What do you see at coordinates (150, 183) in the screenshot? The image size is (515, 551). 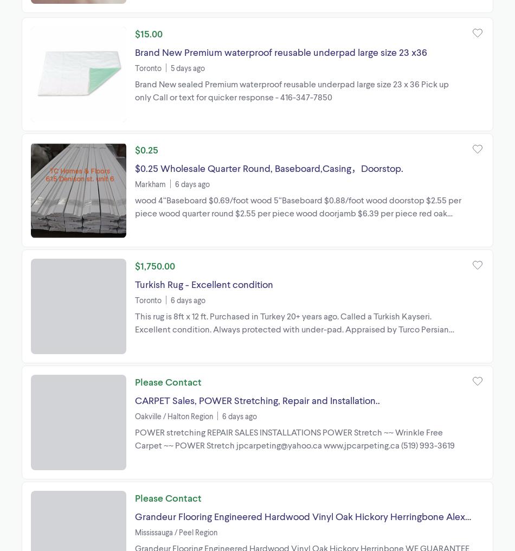 I see `'Markham'` at bounding box center [150, 183].